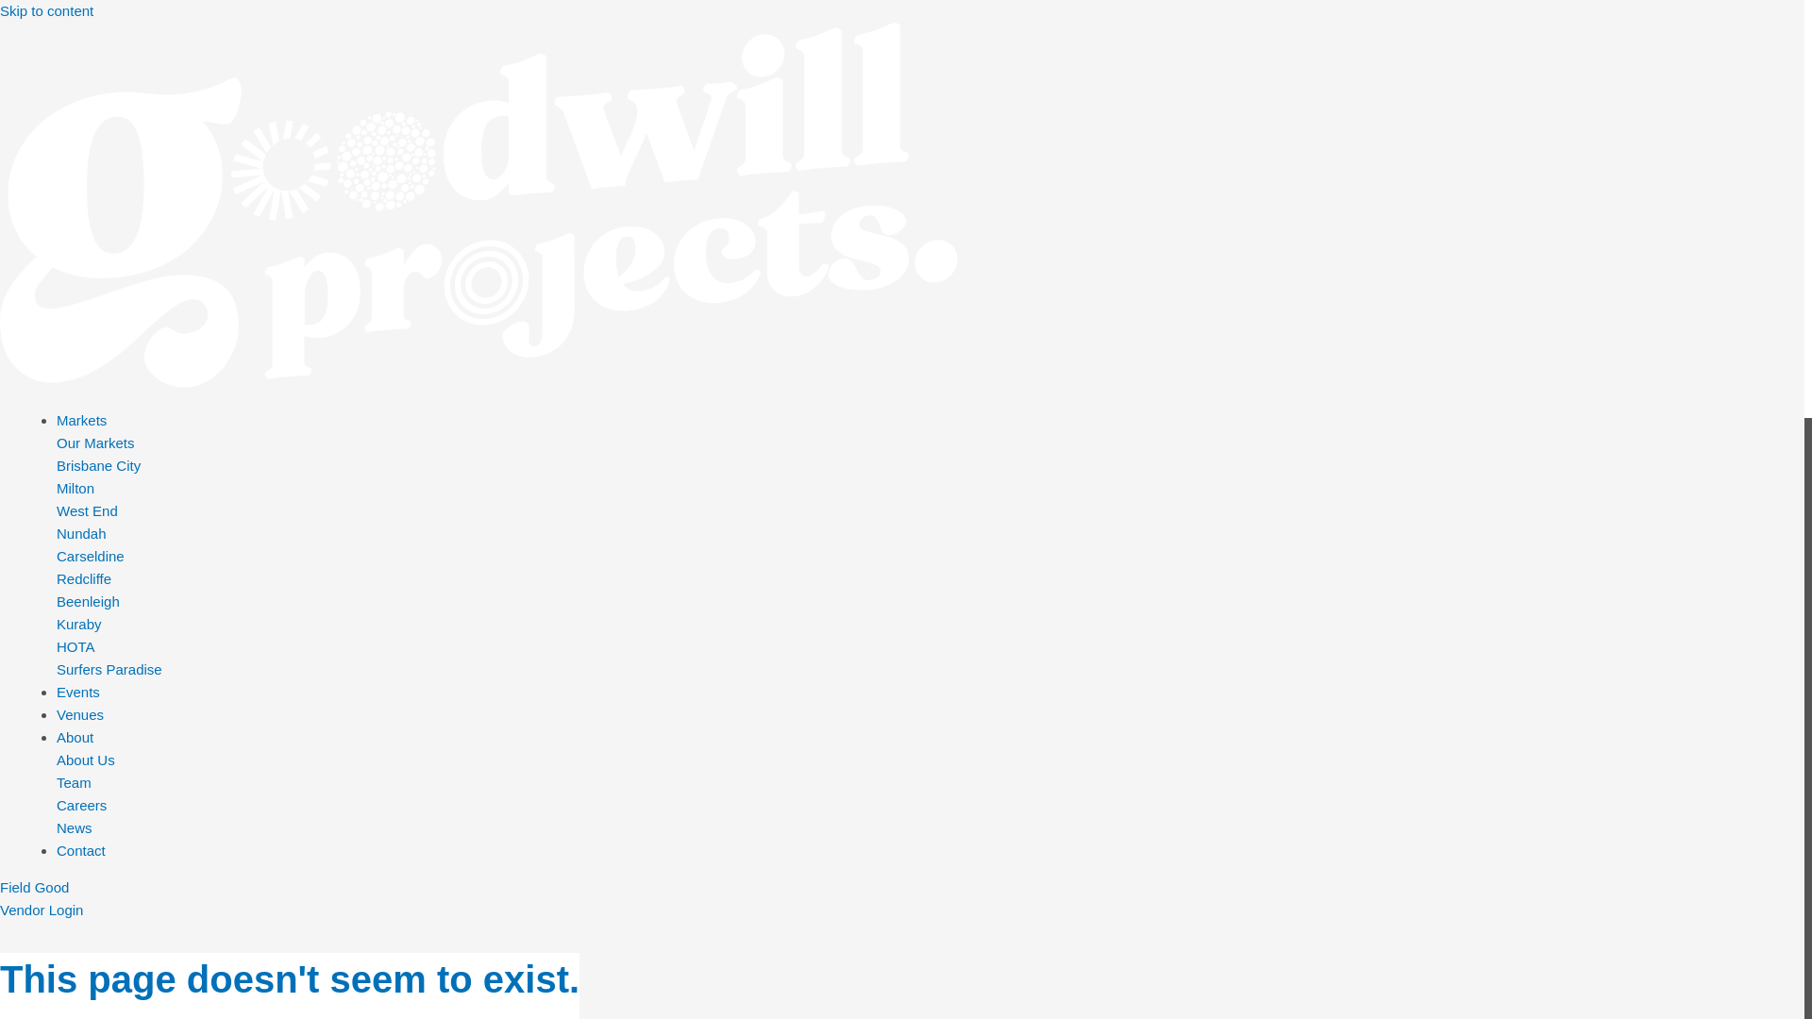  What do you see at coordinates (56, 465) in the screenshot?
I see `'Brisbane City'` at bounding box center [56, 465].